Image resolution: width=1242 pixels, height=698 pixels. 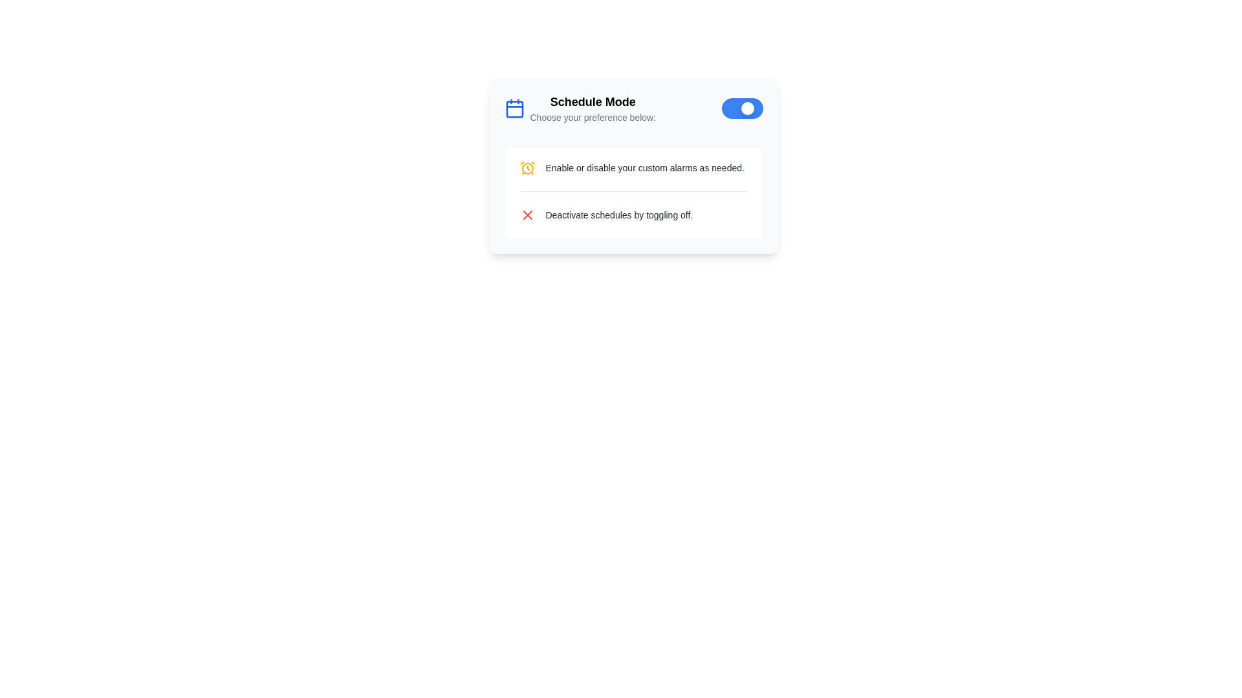 What do you see at coordinates (618, 214) in the screenshot?
I see `the text label reading 'Deactivate schedules by toggling off.' which is located to the right of a red 'X' icon within the 'Schedule Mode' section of the interface` at bounding box center [618, 214].